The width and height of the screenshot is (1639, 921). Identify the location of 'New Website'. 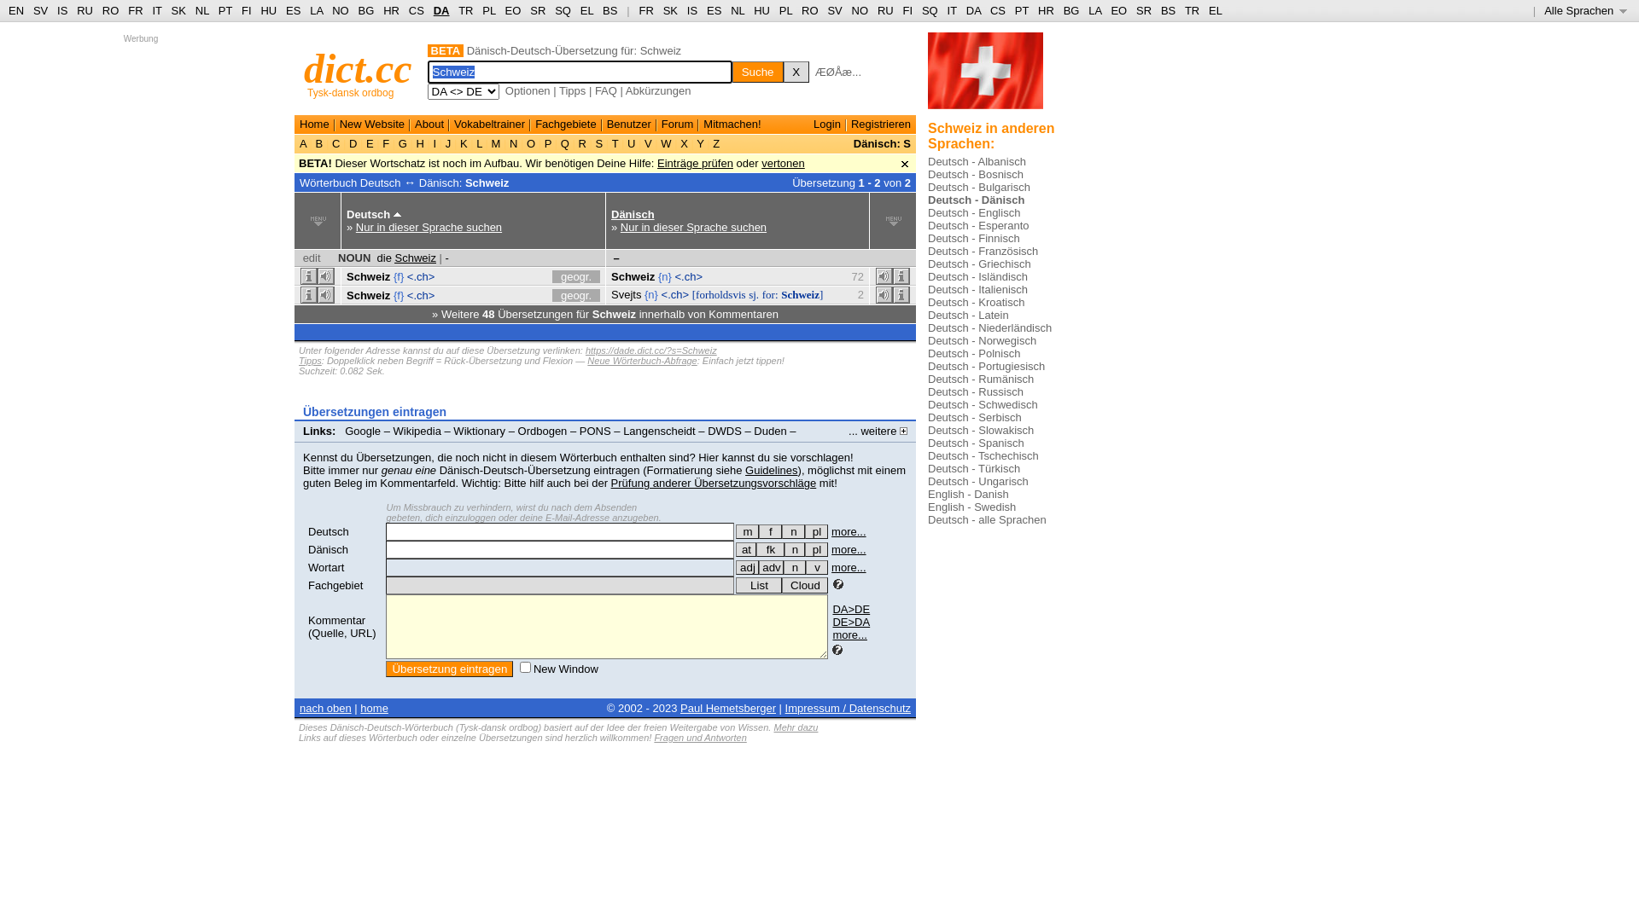
(371, 123).